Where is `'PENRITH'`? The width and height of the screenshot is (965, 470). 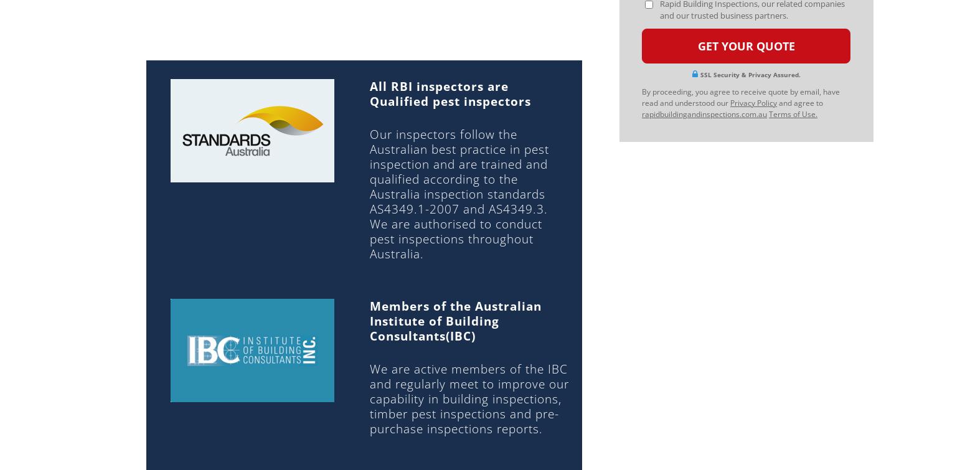 'PENRITH' is located at coordinates (512, 251).